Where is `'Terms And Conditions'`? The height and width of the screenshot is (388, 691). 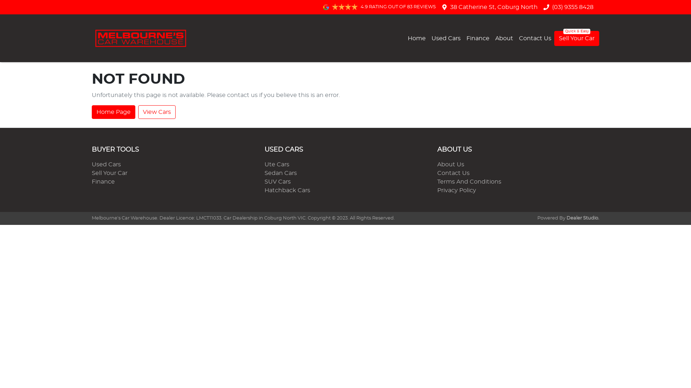
'Terms And Conditions' is located at coordinates (469, 181).